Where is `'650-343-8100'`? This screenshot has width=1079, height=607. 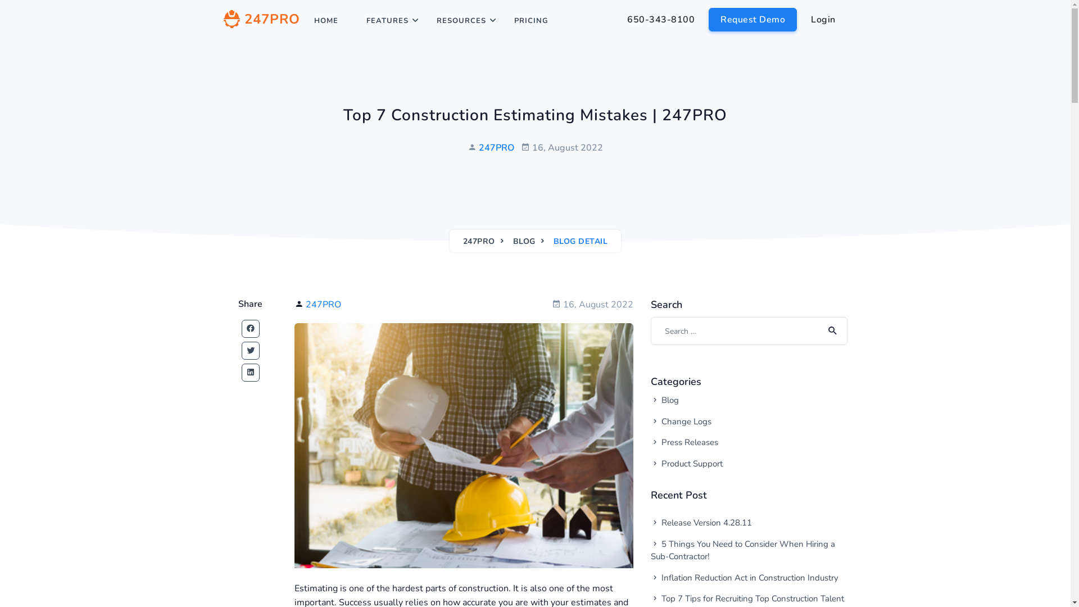
'650-343-8100' is located at coordinates (614, 19).